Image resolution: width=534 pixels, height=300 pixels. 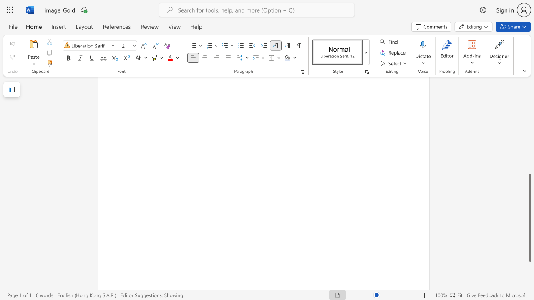 I want to click on the scrollbar to scroll the page up, so click(x=529, y=167).